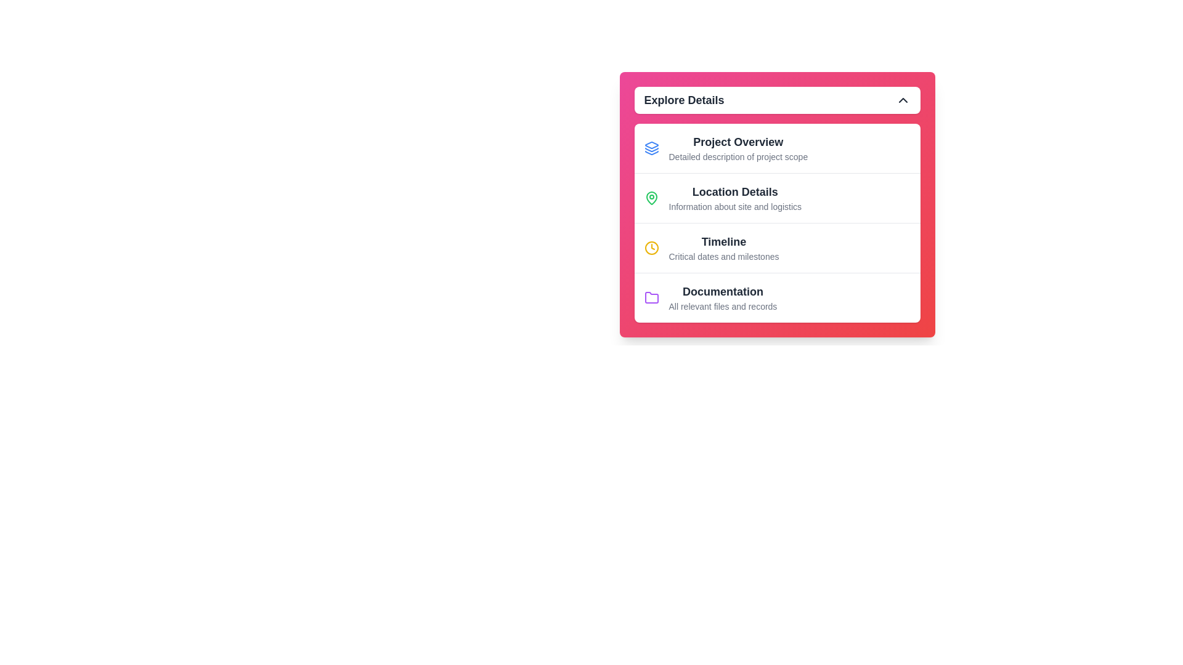 This screenshot has height=665, width=1183. I want to click on the 'Timeline' icon, which is located to the left of the text 'Timeline' as the third item in the list, so click(651, 248).